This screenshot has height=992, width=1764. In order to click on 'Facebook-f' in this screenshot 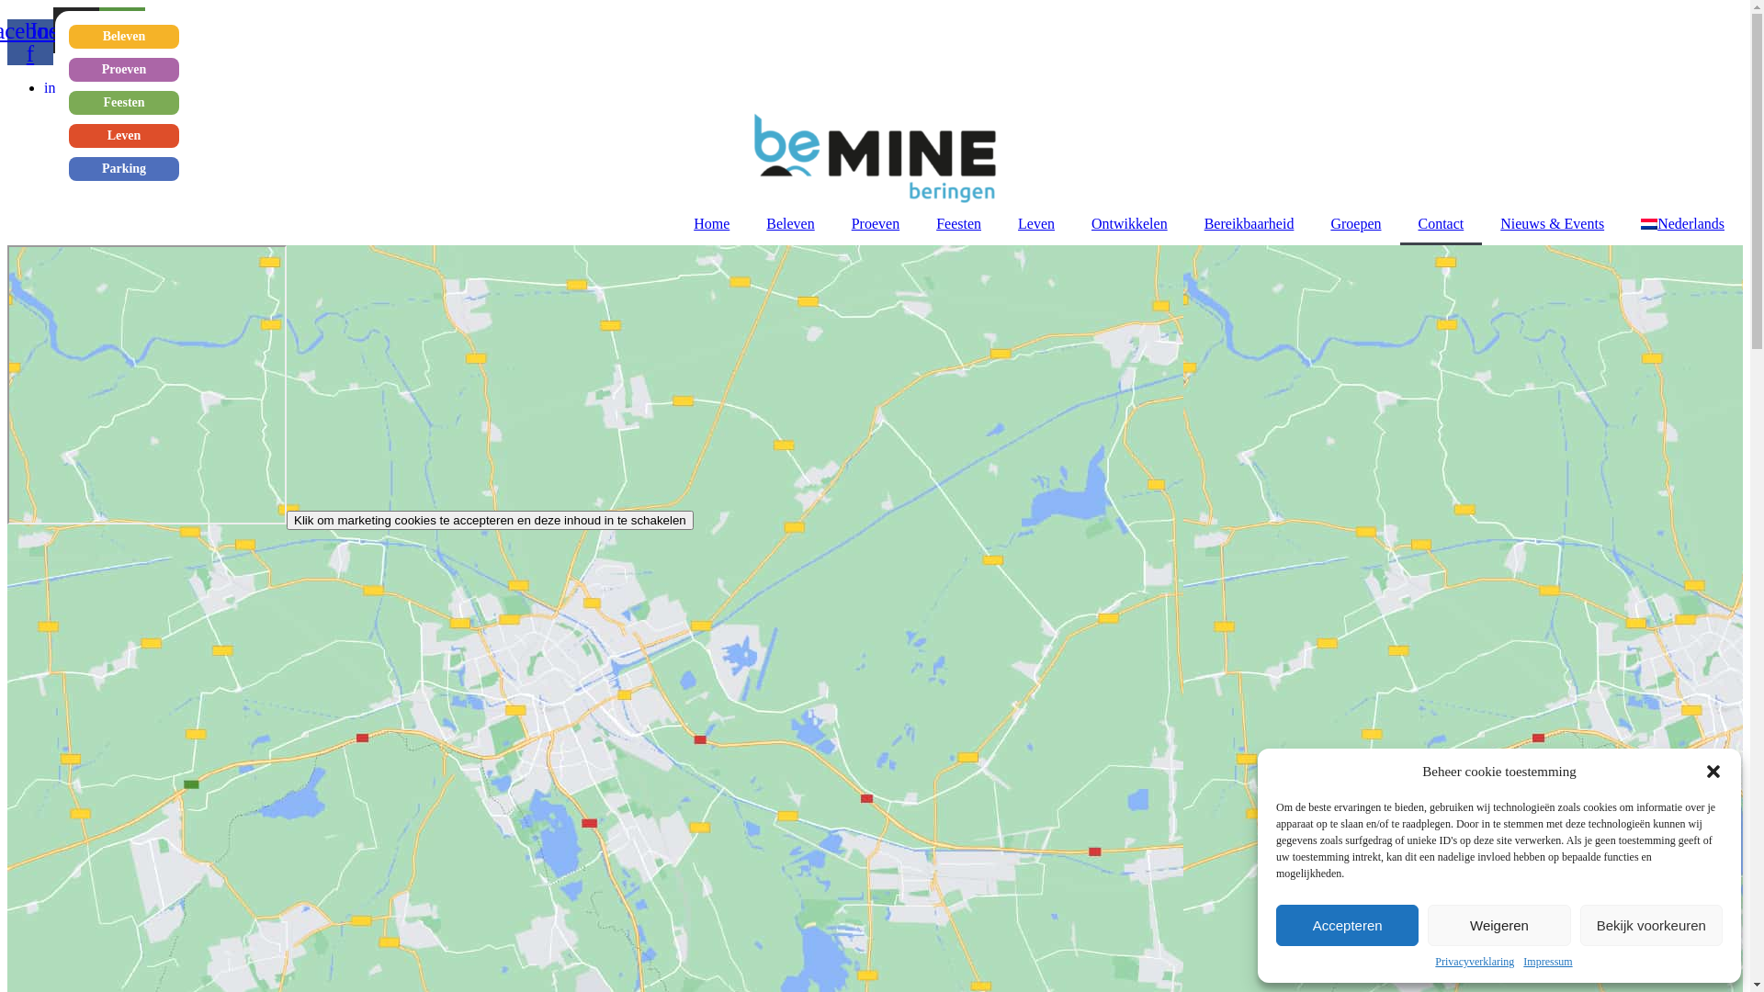, I will do `click(7, 41)`.